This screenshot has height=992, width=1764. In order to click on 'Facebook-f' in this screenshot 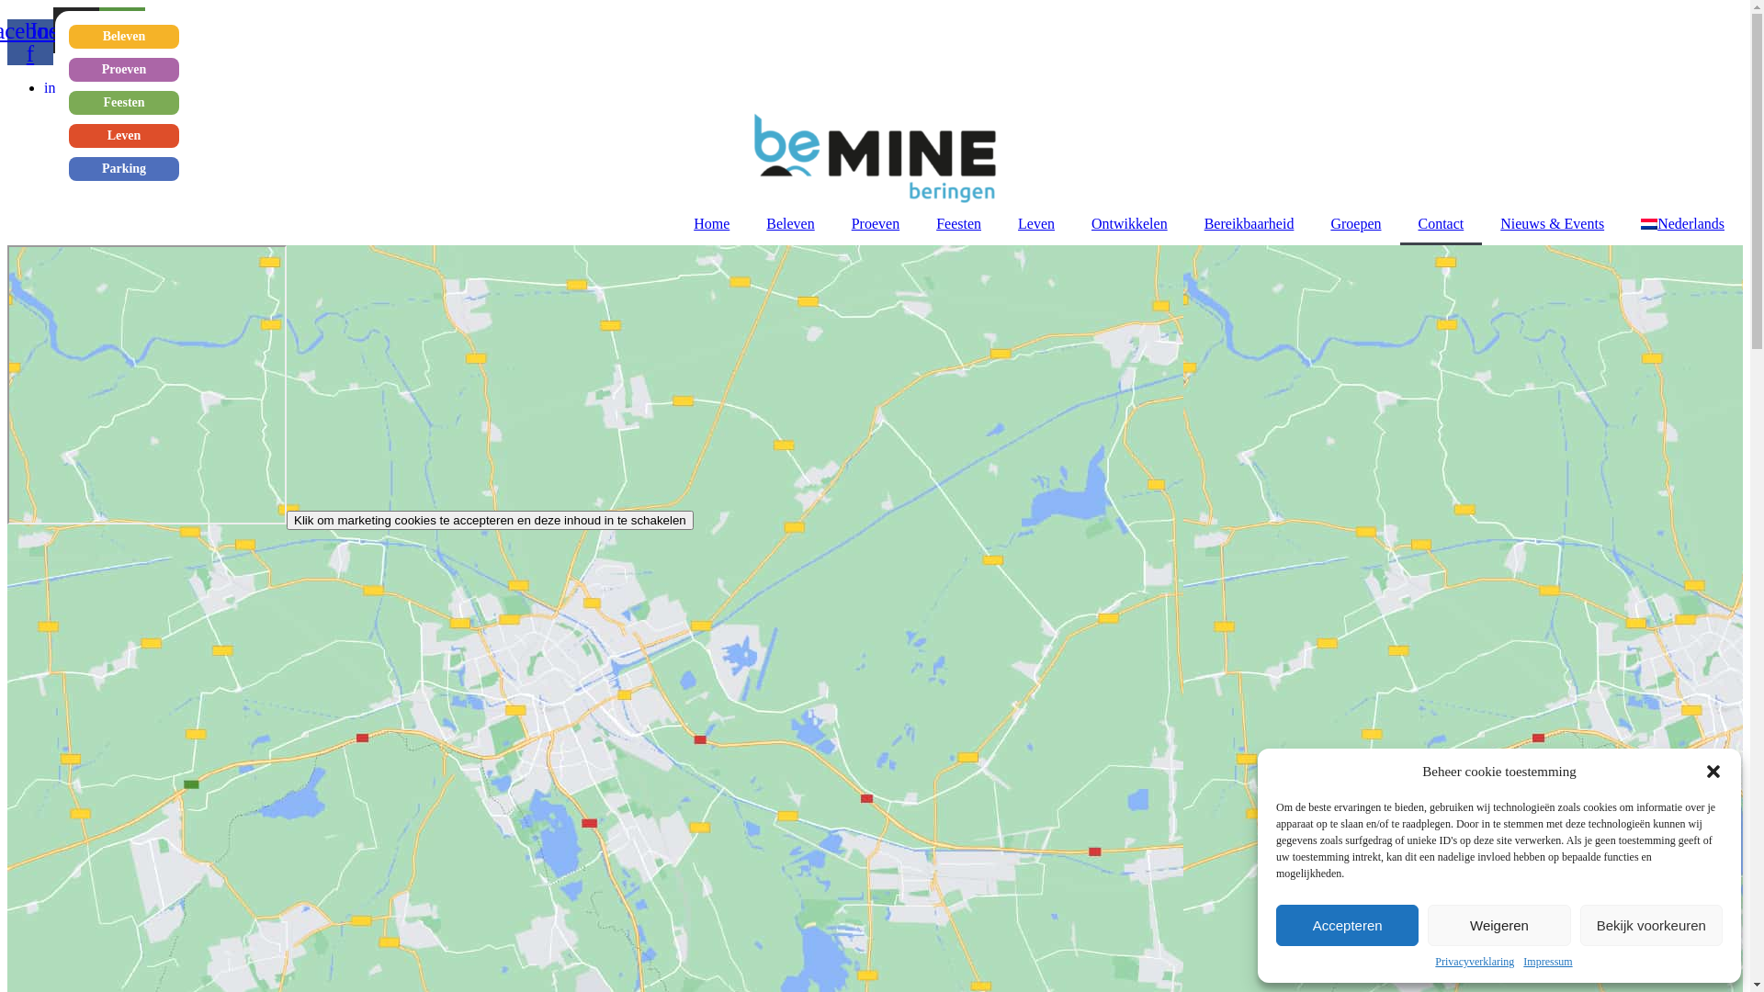, I will do `click(7, 41)`.